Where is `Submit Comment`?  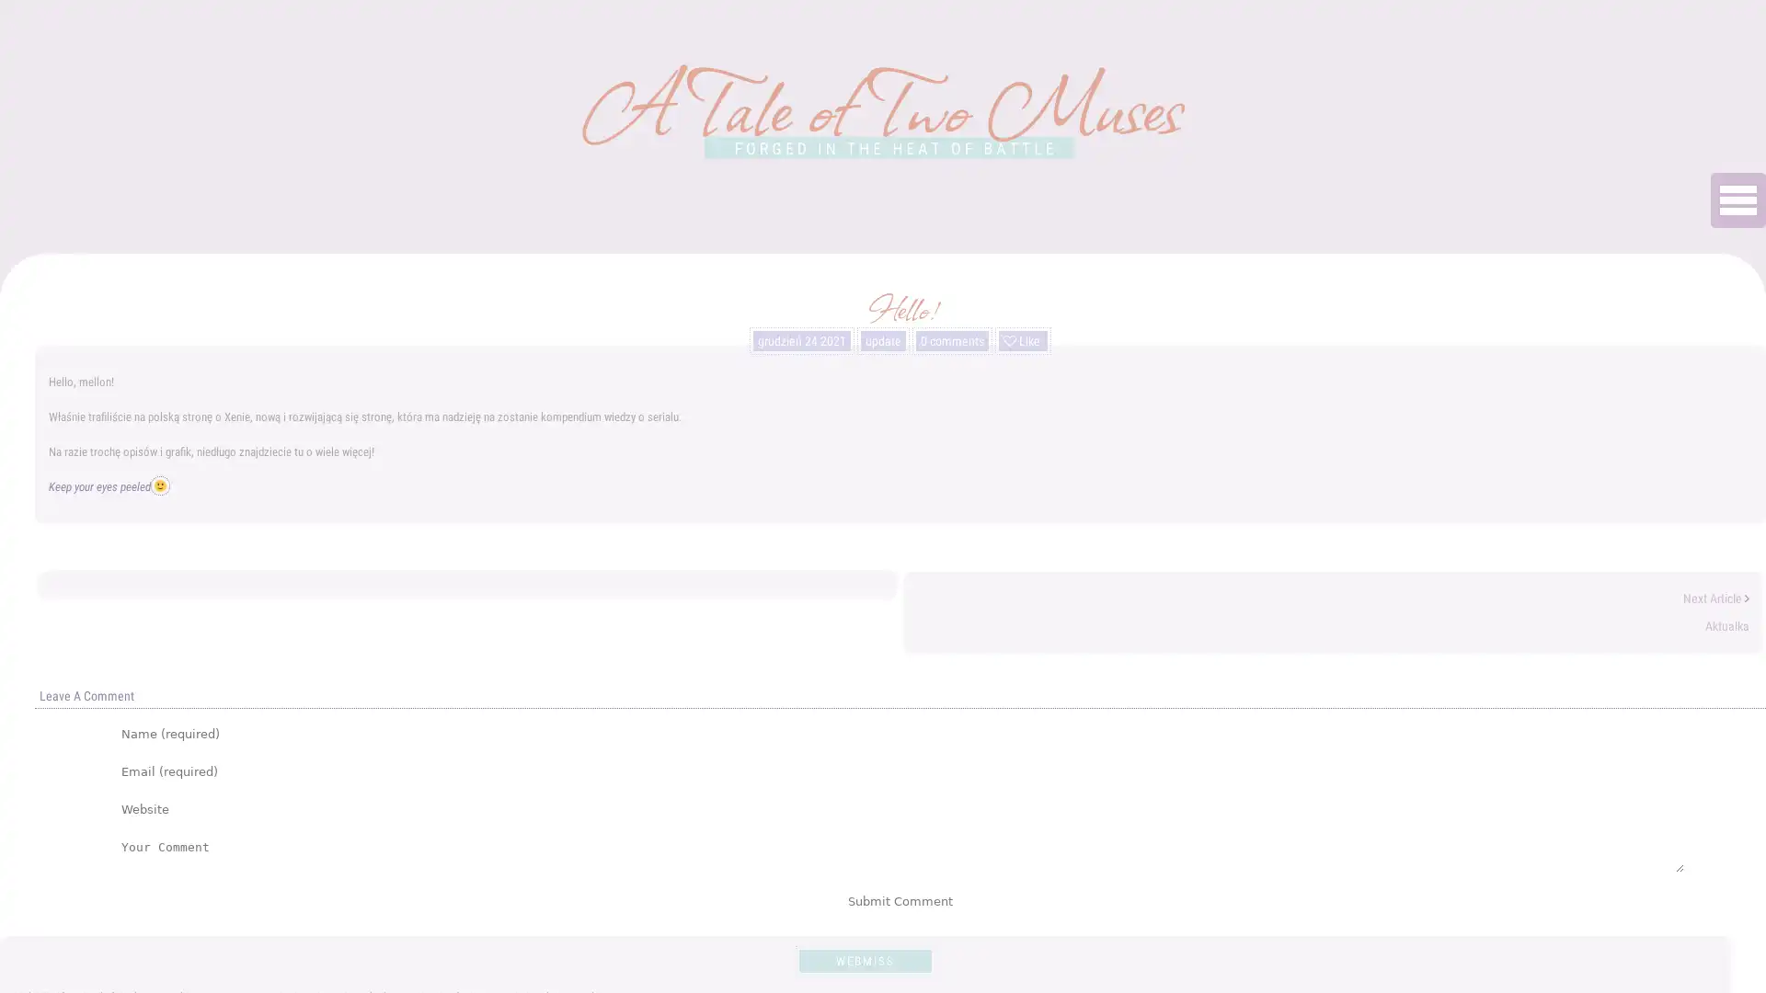
Submit Comment is located at coordinates (900, 900).